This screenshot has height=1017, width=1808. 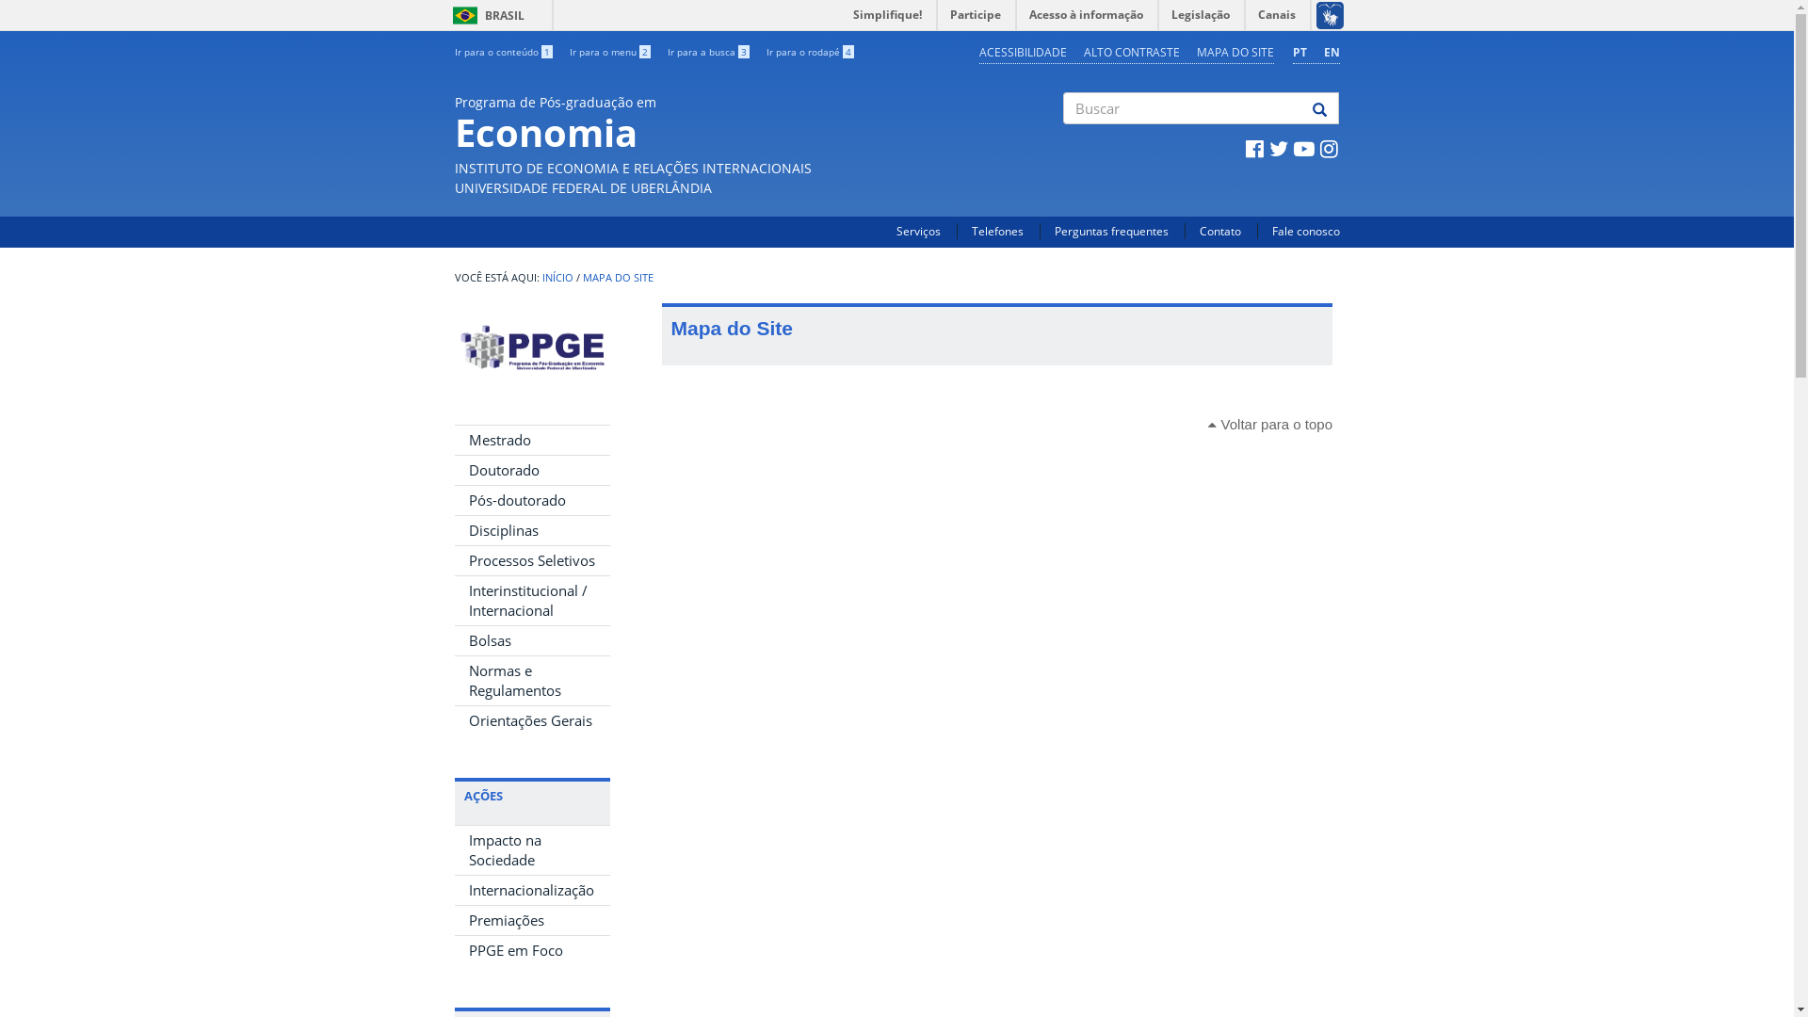 I want to click on 'Ir para a busca 3', so click(x=706, y=50).